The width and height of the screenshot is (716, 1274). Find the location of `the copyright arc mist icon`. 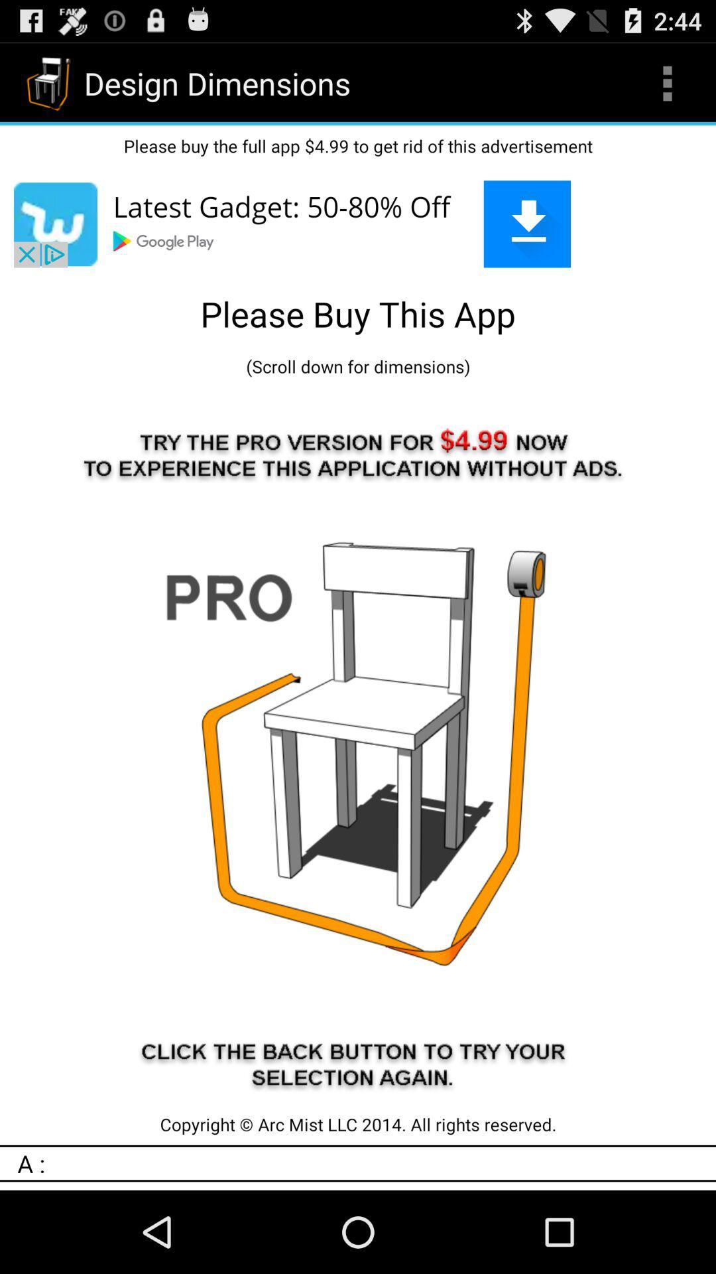

the copyright arc mist icon is located at coordinates (358, 1123).